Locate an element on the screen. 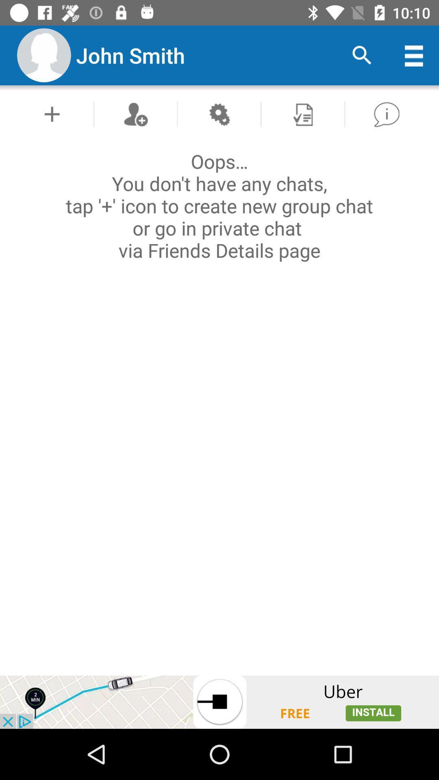 This screenshot has width=439, height=780. personal details is located at coordinates (52, 114).